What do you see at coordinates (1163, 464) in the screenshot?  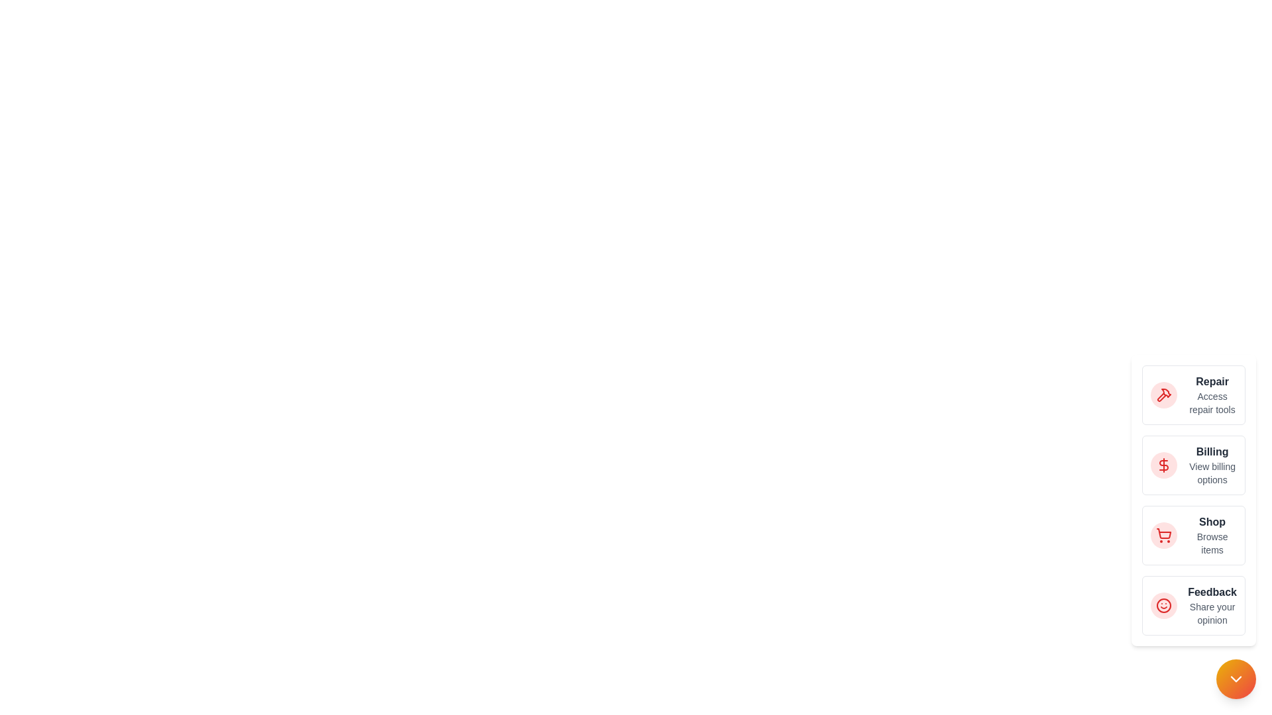 I see `the action labeled 'Billing' to highlight it` at bounding box center [1163, 464].